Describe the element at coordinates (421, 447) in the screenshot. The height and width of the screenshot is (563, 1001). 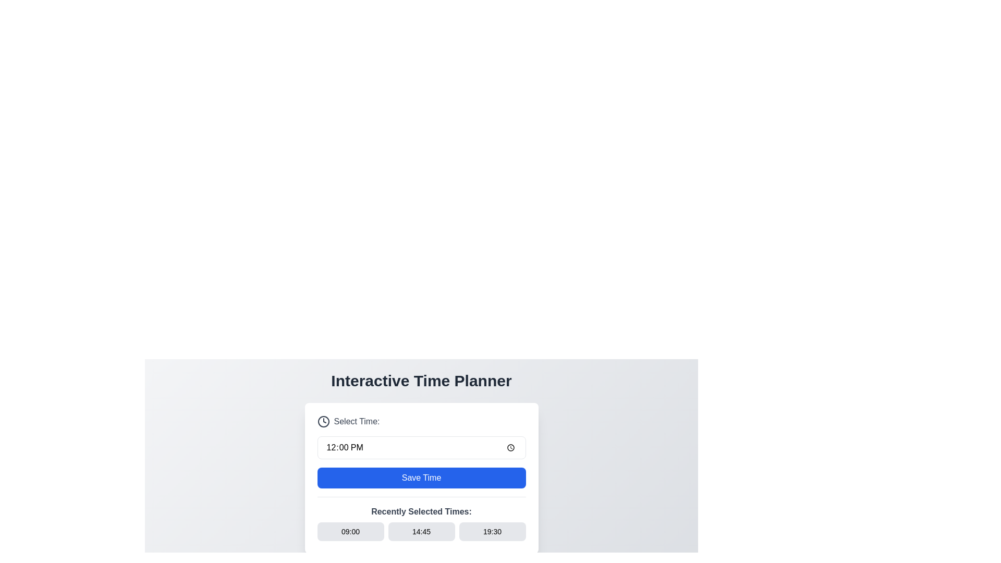
I see `the time input field displaying '12:00 PM'` at that location.